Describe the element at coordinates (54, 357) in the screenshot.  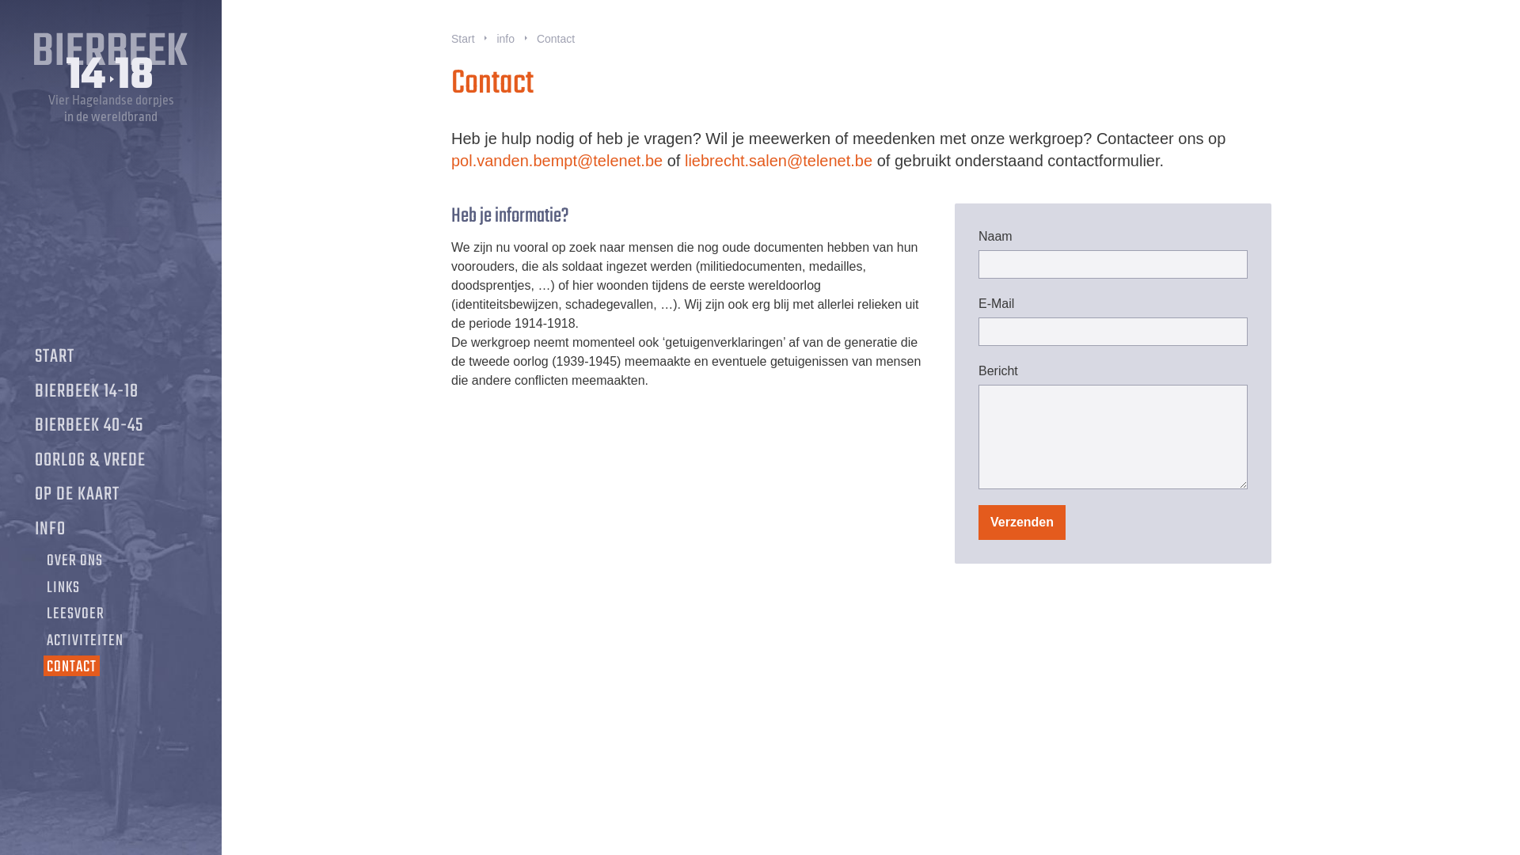
I see `'START'` at that location.